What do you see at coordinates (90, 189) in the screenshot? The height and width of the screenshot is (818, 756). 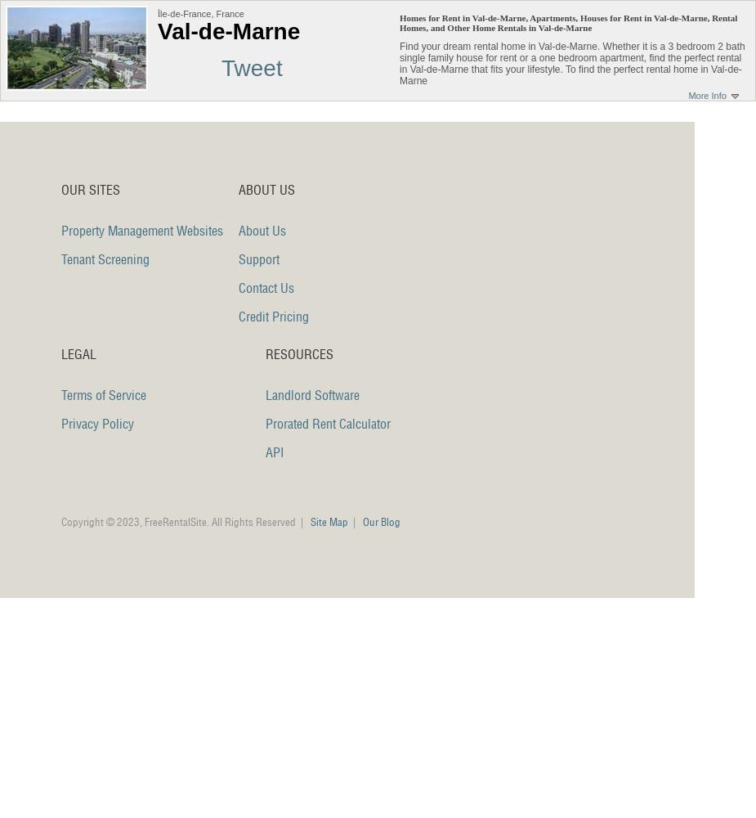 I see `'Our Sites'` at bounding box center [90, 189].